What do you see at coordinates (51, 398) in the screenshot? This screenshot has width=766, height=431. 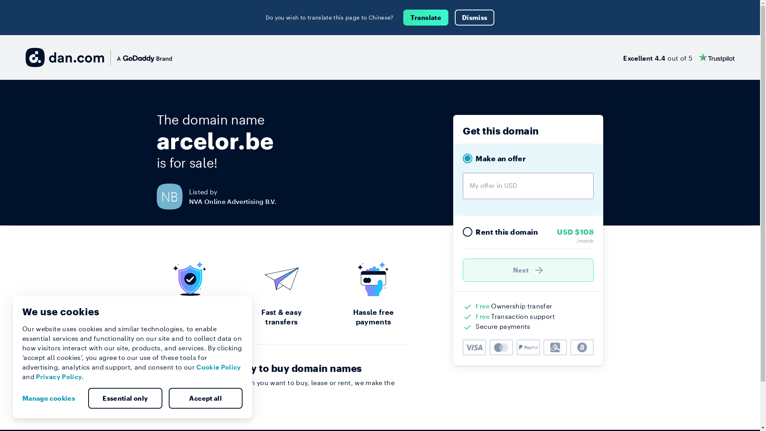 I see `'Manage cookies'` at bounding box center [51, 398].